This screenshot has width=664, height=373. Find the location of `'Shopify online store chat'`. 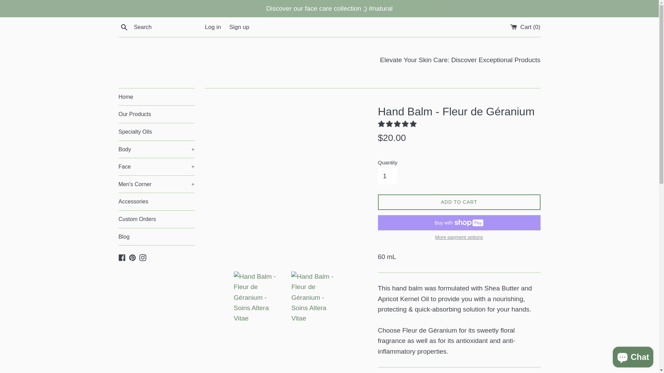

'Shopify online store chat' is located at coordinates (633, 355).